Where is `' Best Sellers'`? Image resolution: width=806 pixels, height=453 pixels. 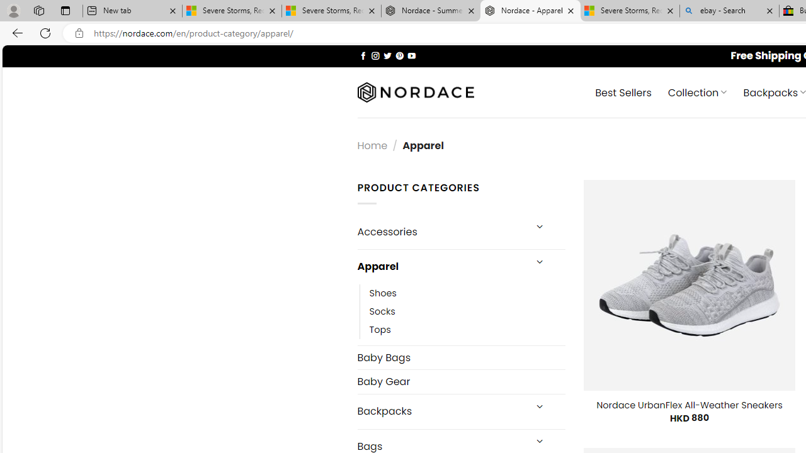 ' Best Sellers' is located at coordinates (623, 91).